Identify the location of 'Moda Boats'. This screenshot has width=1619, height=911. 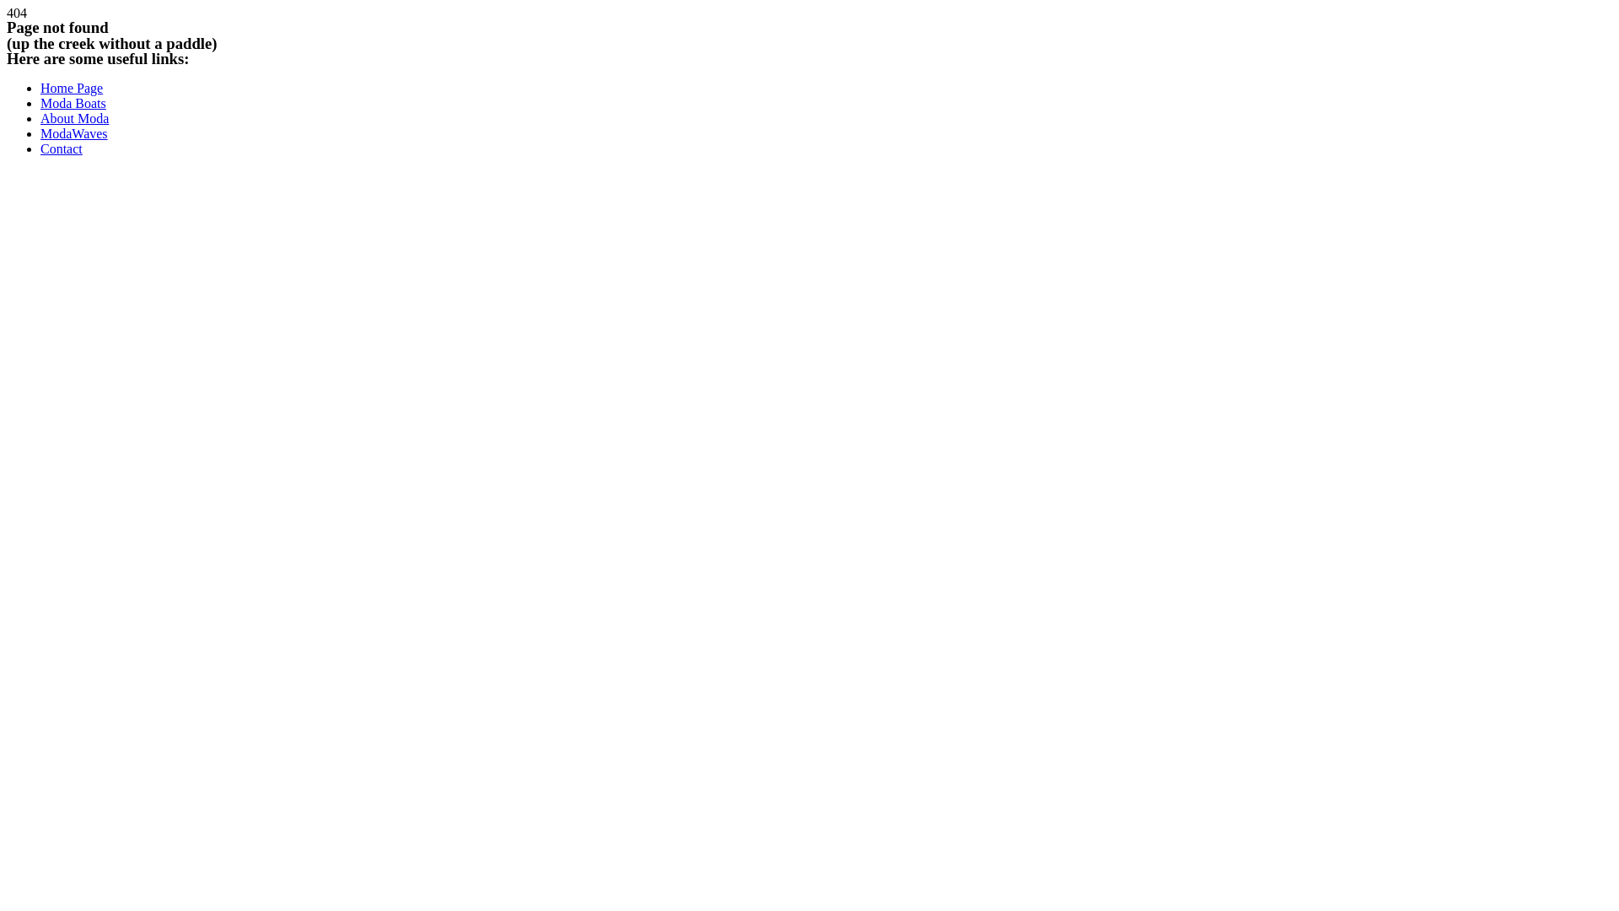
(72, 103).